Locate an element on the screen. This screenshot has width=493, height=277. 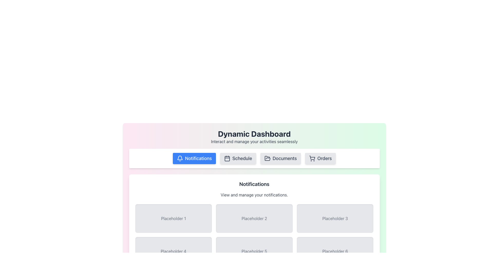
the static box with the label text 'Placeholder 6' located in the bottom right corner of the grid layout within the 'Notifications' section of the dashboard is located at coordinates (335, 251).